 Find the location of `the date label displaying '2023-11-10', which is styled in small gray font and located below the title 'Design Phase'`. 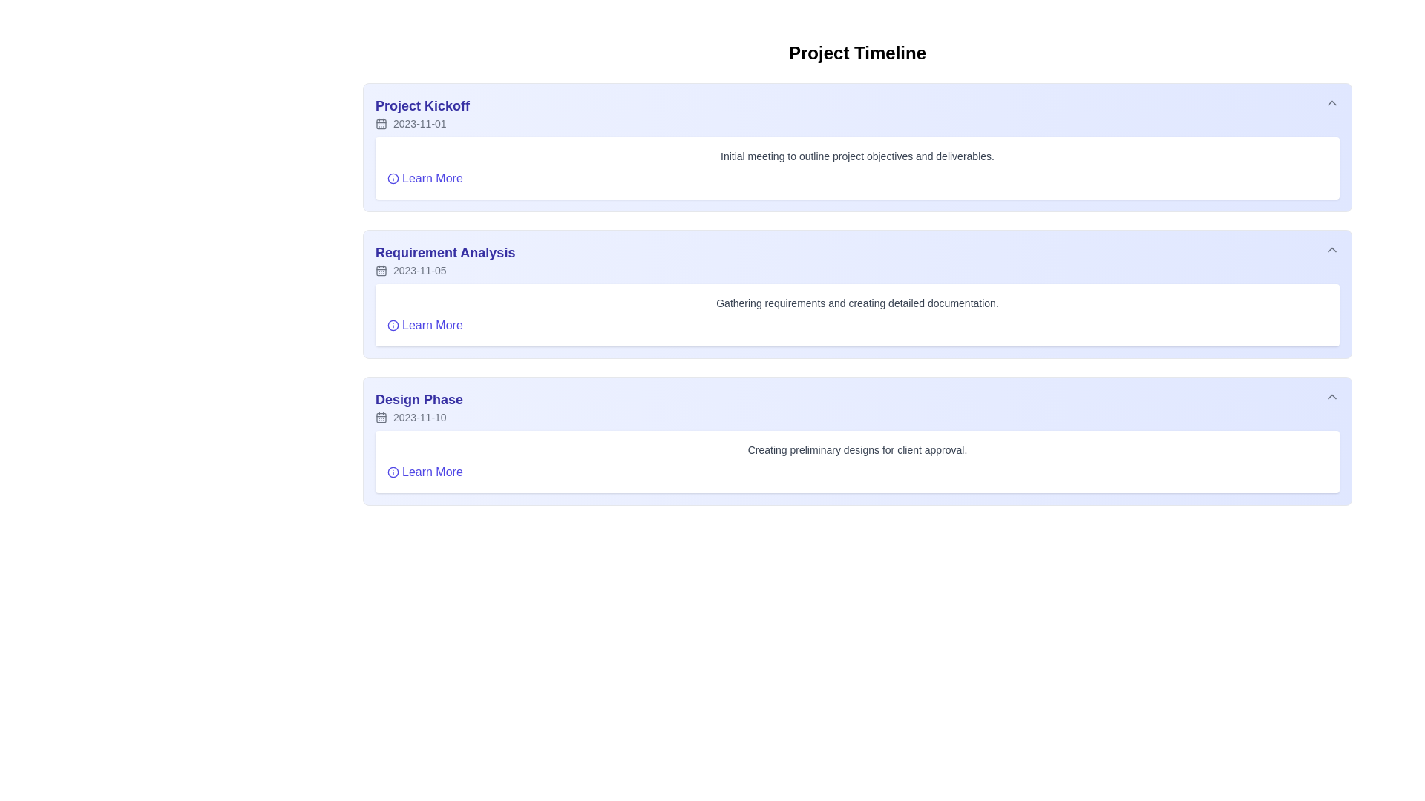

the date label displaying '2023-11-10', which is styled in small gray font and located below the title 'Design Phase' is located at coordinates (419, 418).